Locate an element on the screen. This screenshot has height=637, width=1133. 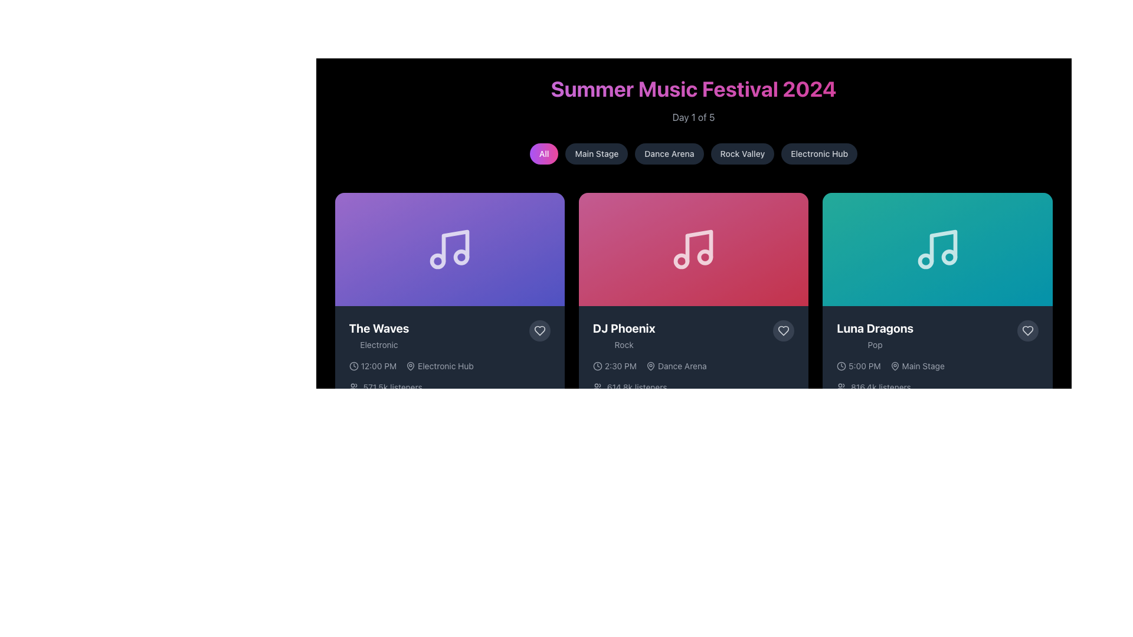
the filter button for 'Main Stage' located below the 'Summer Music Festival 2024' title is located at coordinates (597, 153).